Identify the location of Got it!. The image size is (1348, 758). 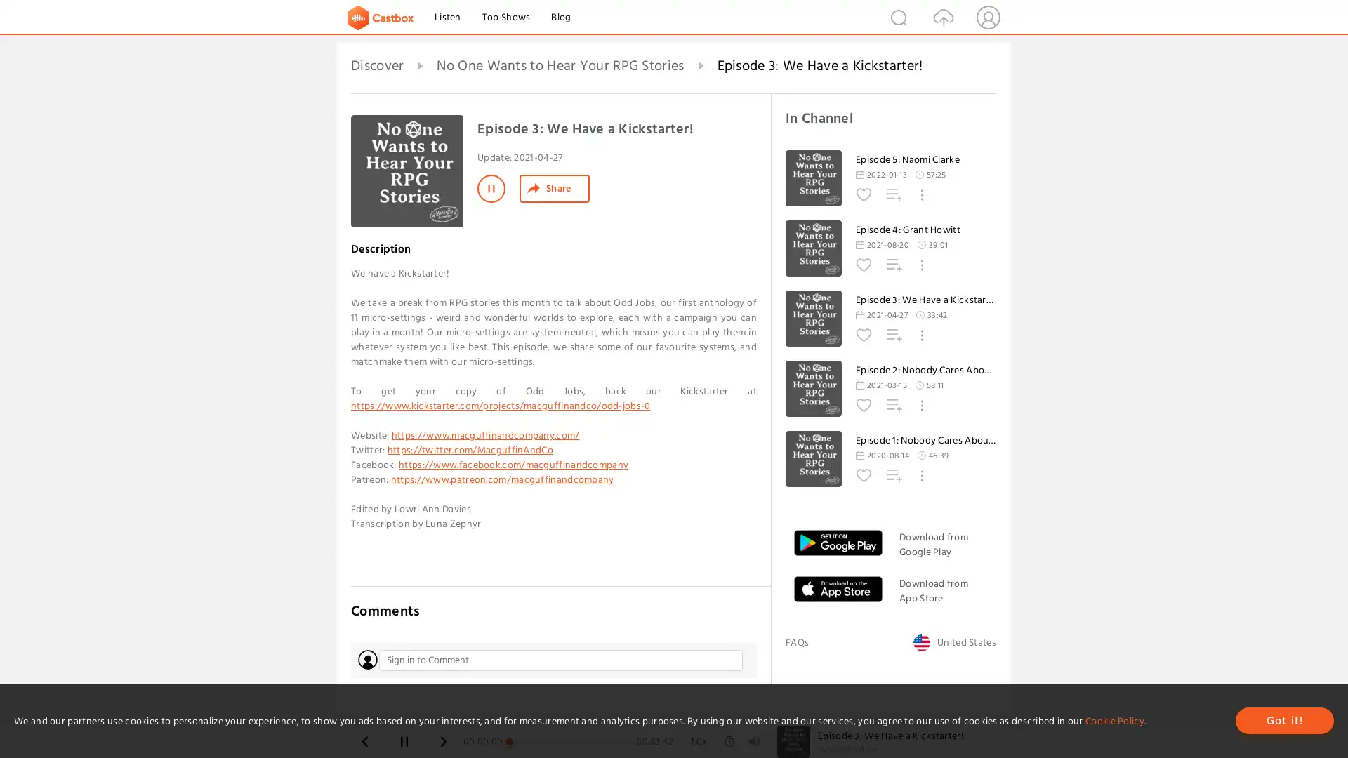
(1284, 720).